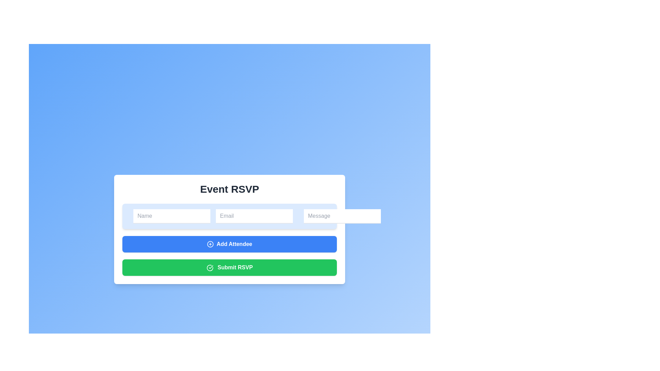  Describe the element at coordinates (229, 244) in the screenshot. I see `the button that allows users` at that location.